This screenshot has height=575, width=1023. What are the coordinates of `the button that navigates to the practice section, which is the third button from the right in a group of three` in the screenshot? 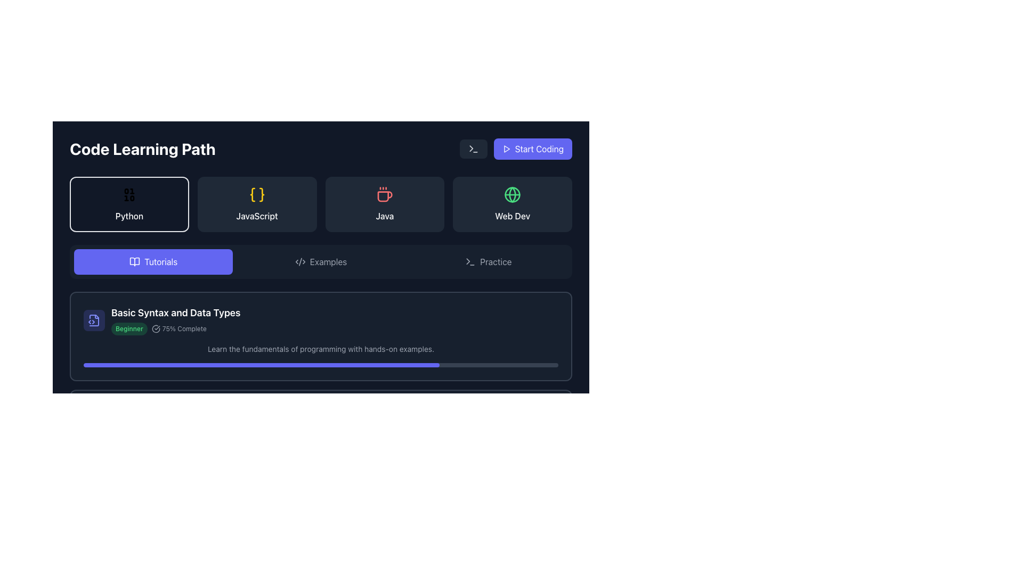 It's located at (488, 262).